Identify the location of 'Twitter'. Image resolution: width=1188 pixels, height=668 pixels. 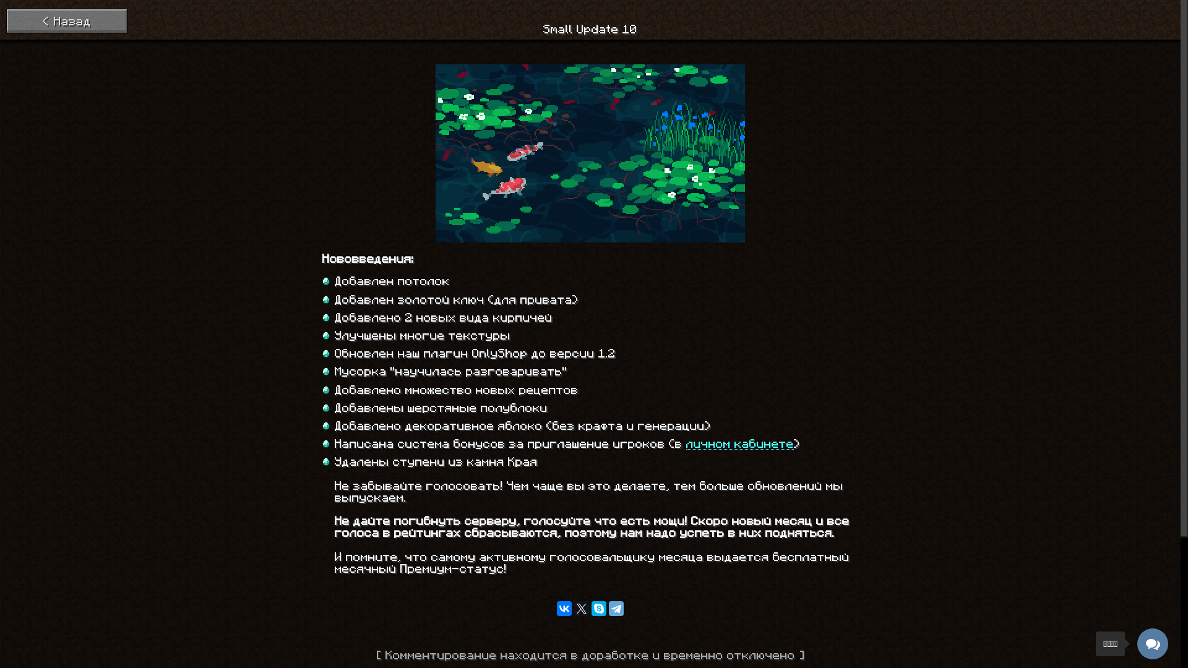
(573, 607).